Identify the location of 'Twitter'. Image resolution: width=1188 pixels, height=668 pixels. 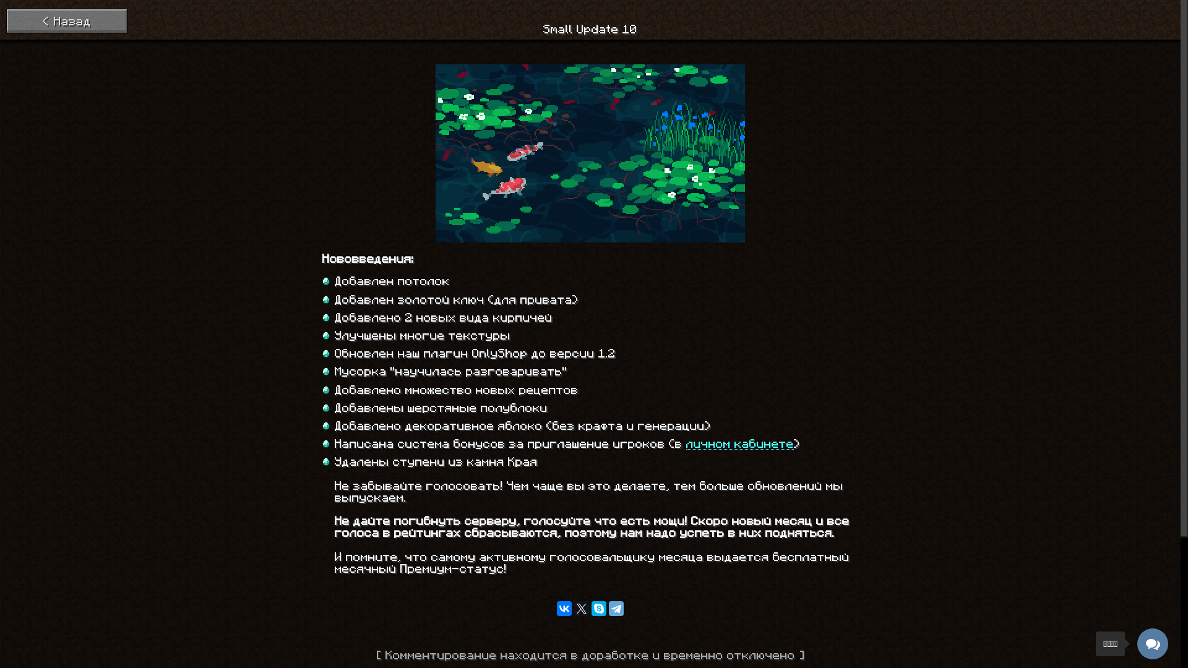
(573, 607).